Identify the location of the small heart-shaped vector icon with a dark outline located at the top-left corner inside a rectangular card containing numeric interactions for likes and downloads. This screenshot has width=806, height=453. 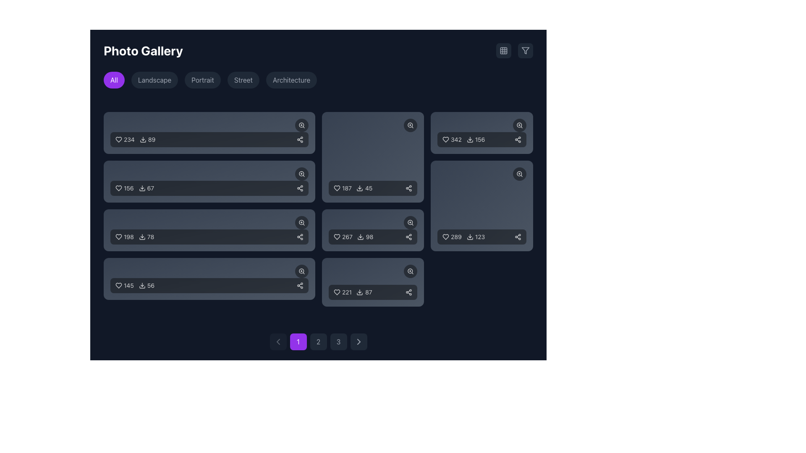
(445, 139).